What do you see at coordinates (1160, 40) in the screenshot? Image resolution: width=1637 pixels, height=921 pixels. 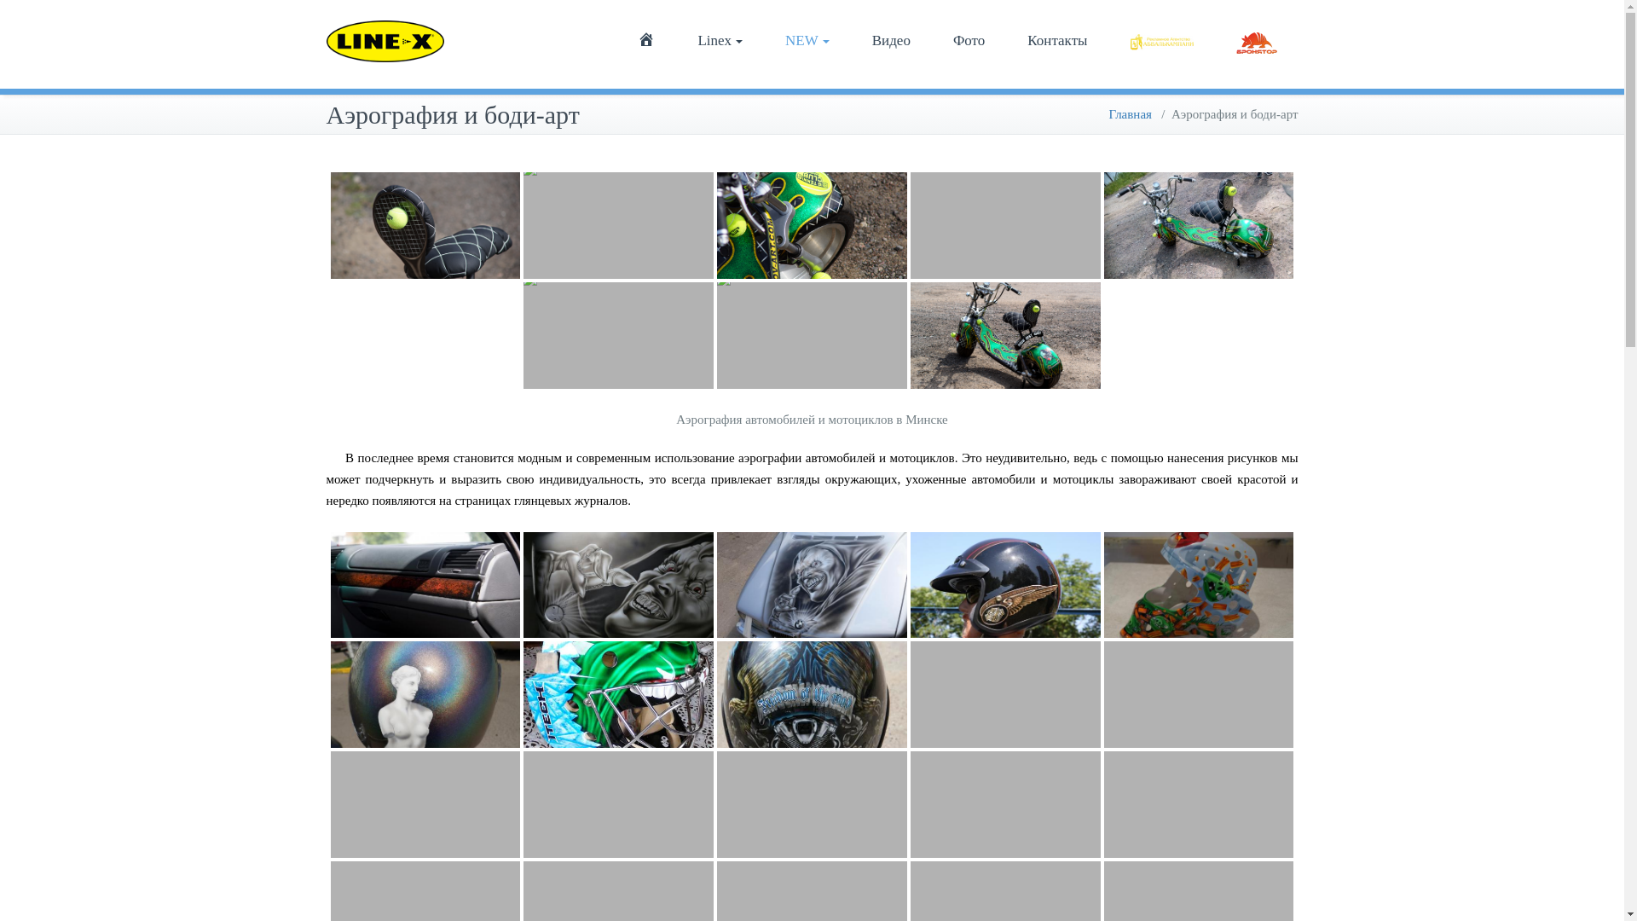 I see `'abvalcompany'` at bounding box center [1160, 40].